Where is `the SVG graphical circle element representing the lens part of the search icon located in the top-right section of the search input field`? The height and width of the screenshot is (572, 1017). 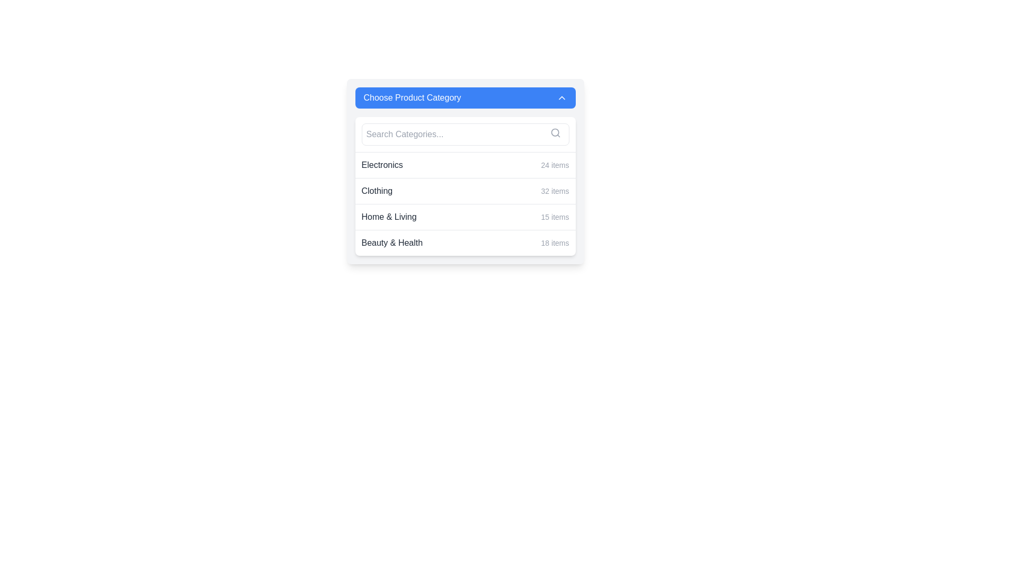 the SVG graphical circle element representing the lens part of the search icon located in the top-right section of the search input field is located at coordinates (554, 132).